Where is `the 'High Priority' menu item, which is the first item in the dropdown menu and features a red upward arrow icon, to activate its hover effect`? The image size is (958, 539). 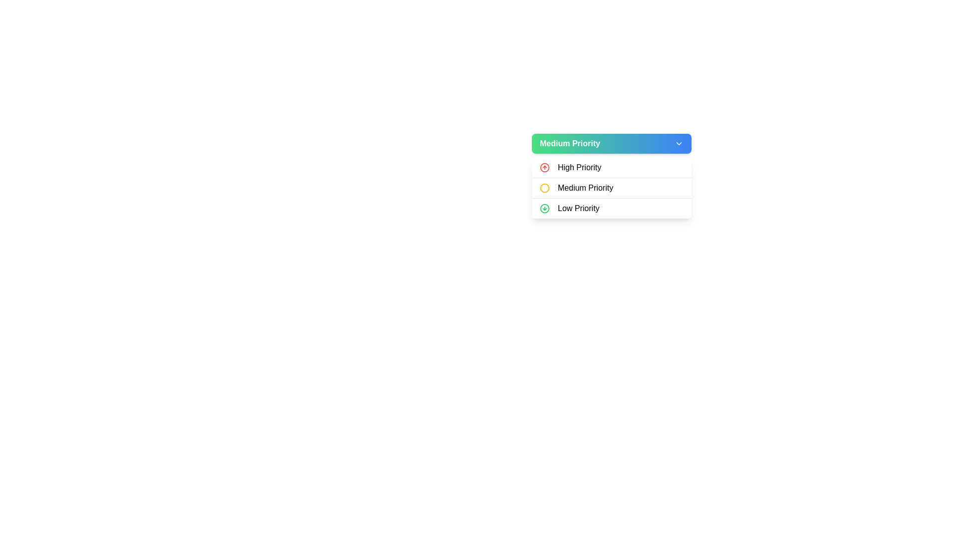
the 'High Priority' menu item, which is the first item in the dropdown menu and features a red upward arrow icon, to activate its hover effect is located at coordinates (611, 167).